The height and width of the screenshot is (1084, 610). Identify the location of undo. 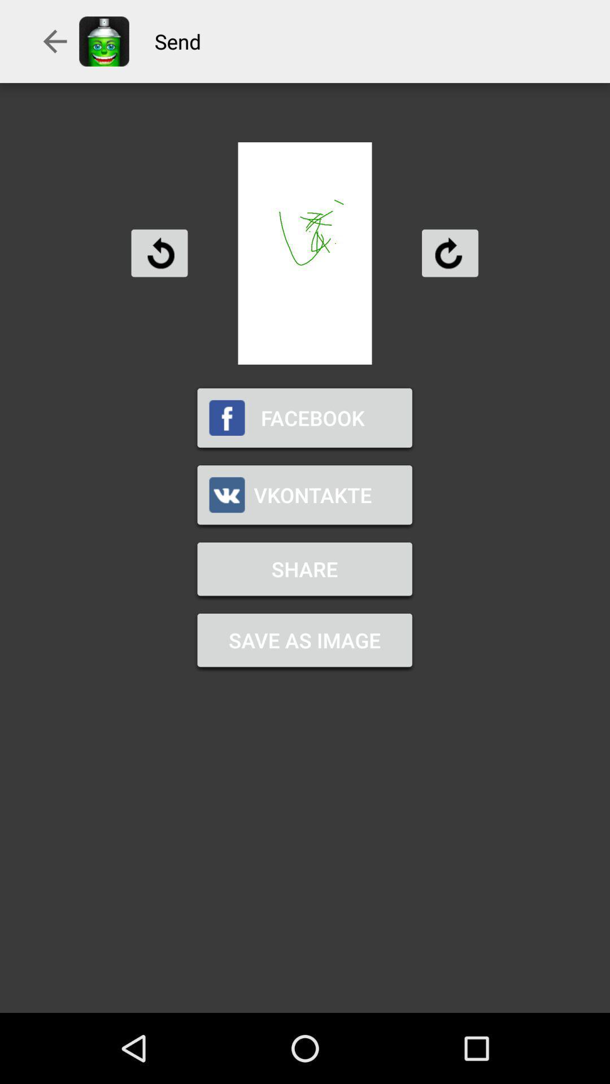
(159, 252).